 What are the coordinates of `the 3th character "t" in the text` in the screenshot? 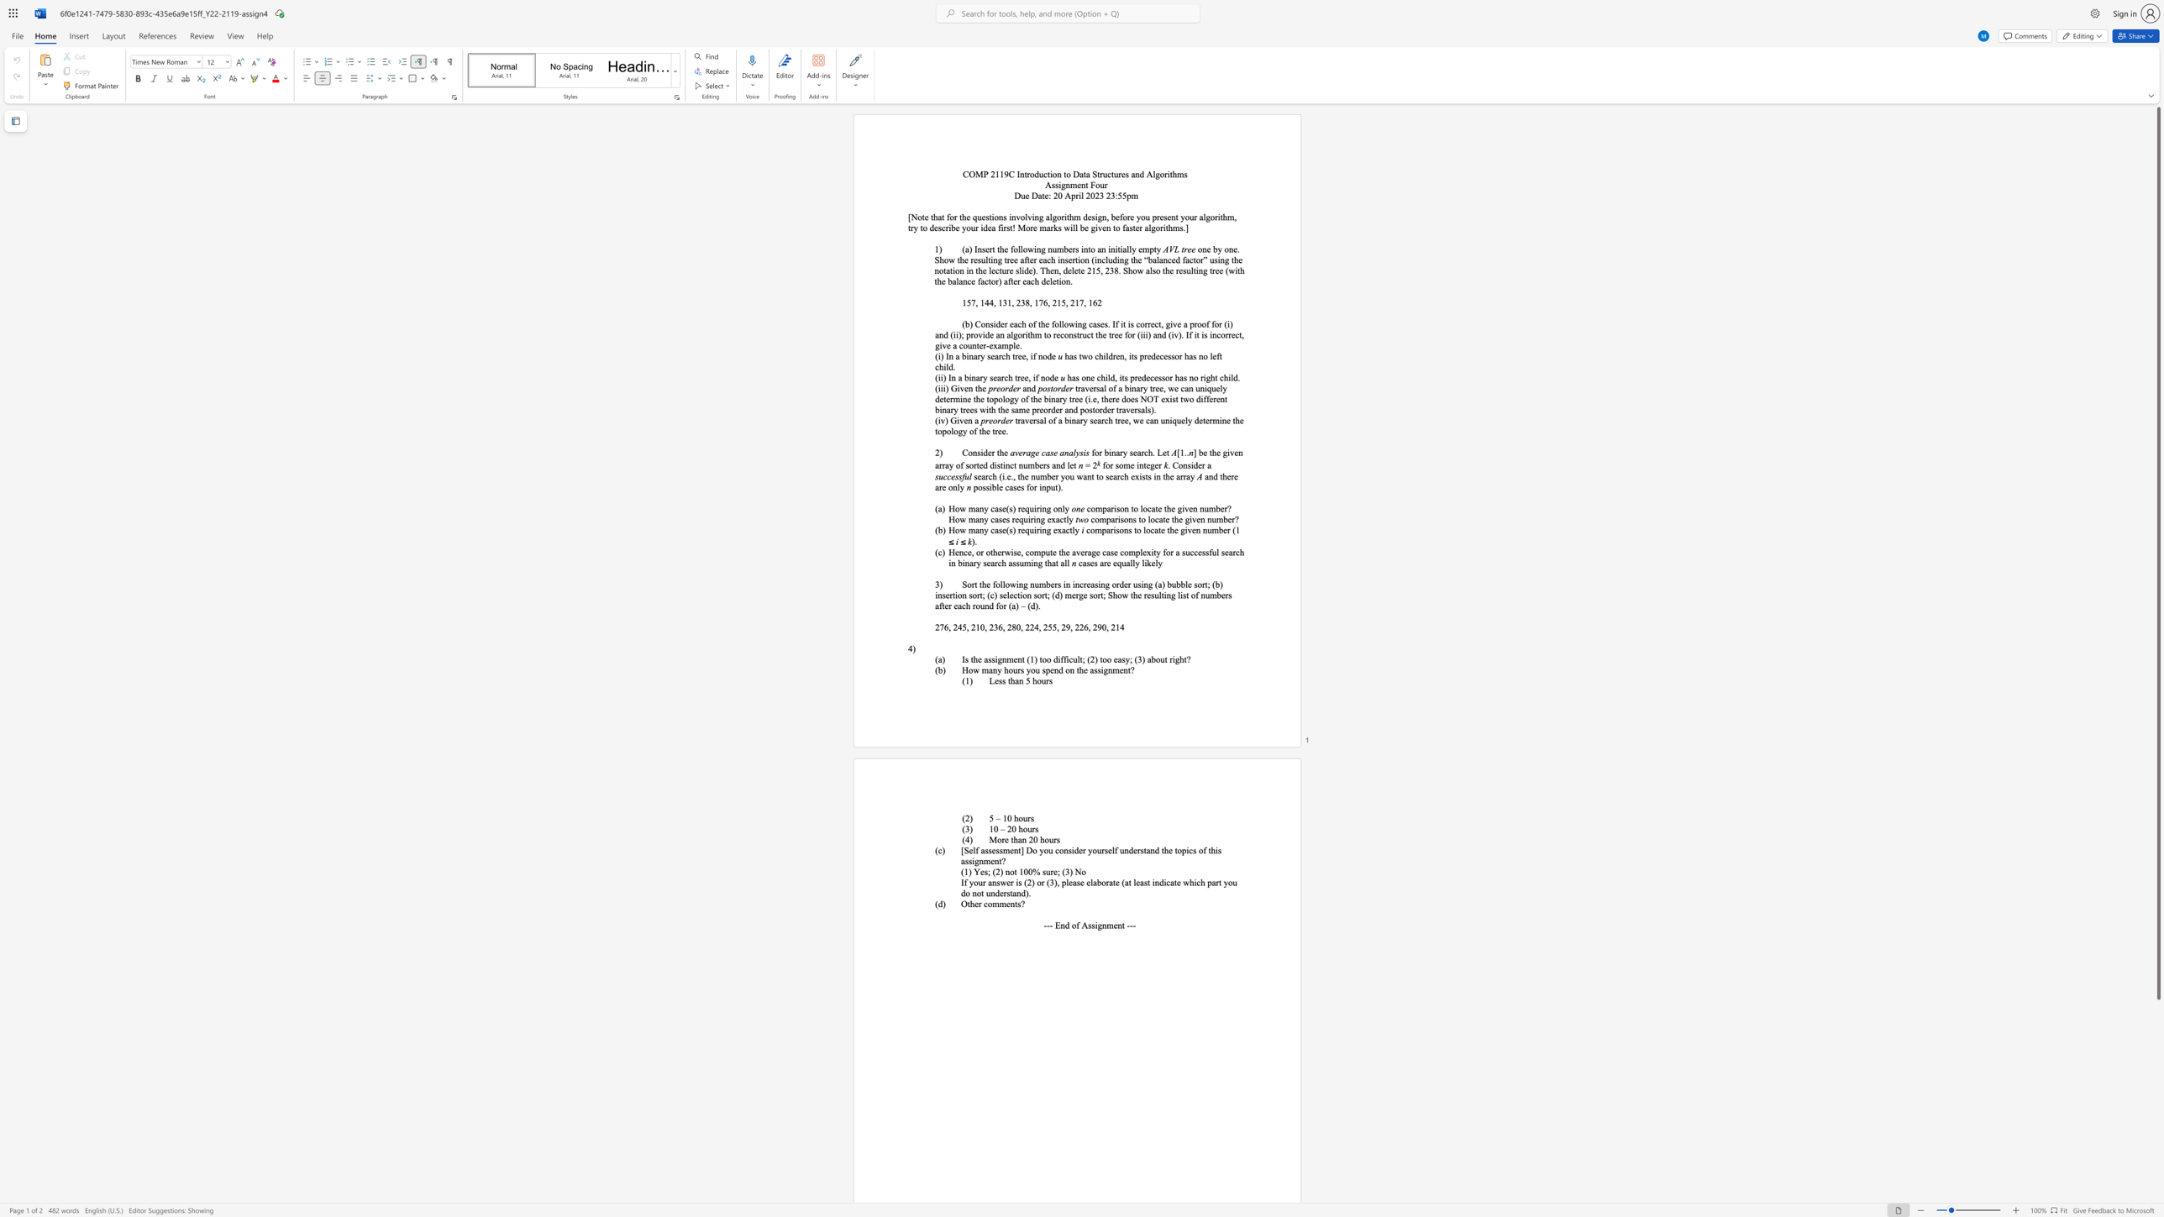 It's located at (1089, 249).